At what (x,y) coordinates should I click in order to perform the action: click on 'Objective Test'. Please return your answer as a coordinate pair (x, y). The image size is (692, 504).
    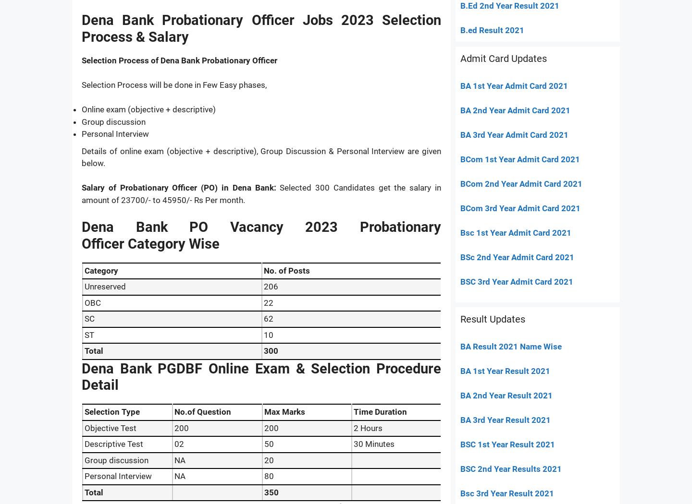
    Looking at the image, I should click on (110, 427).